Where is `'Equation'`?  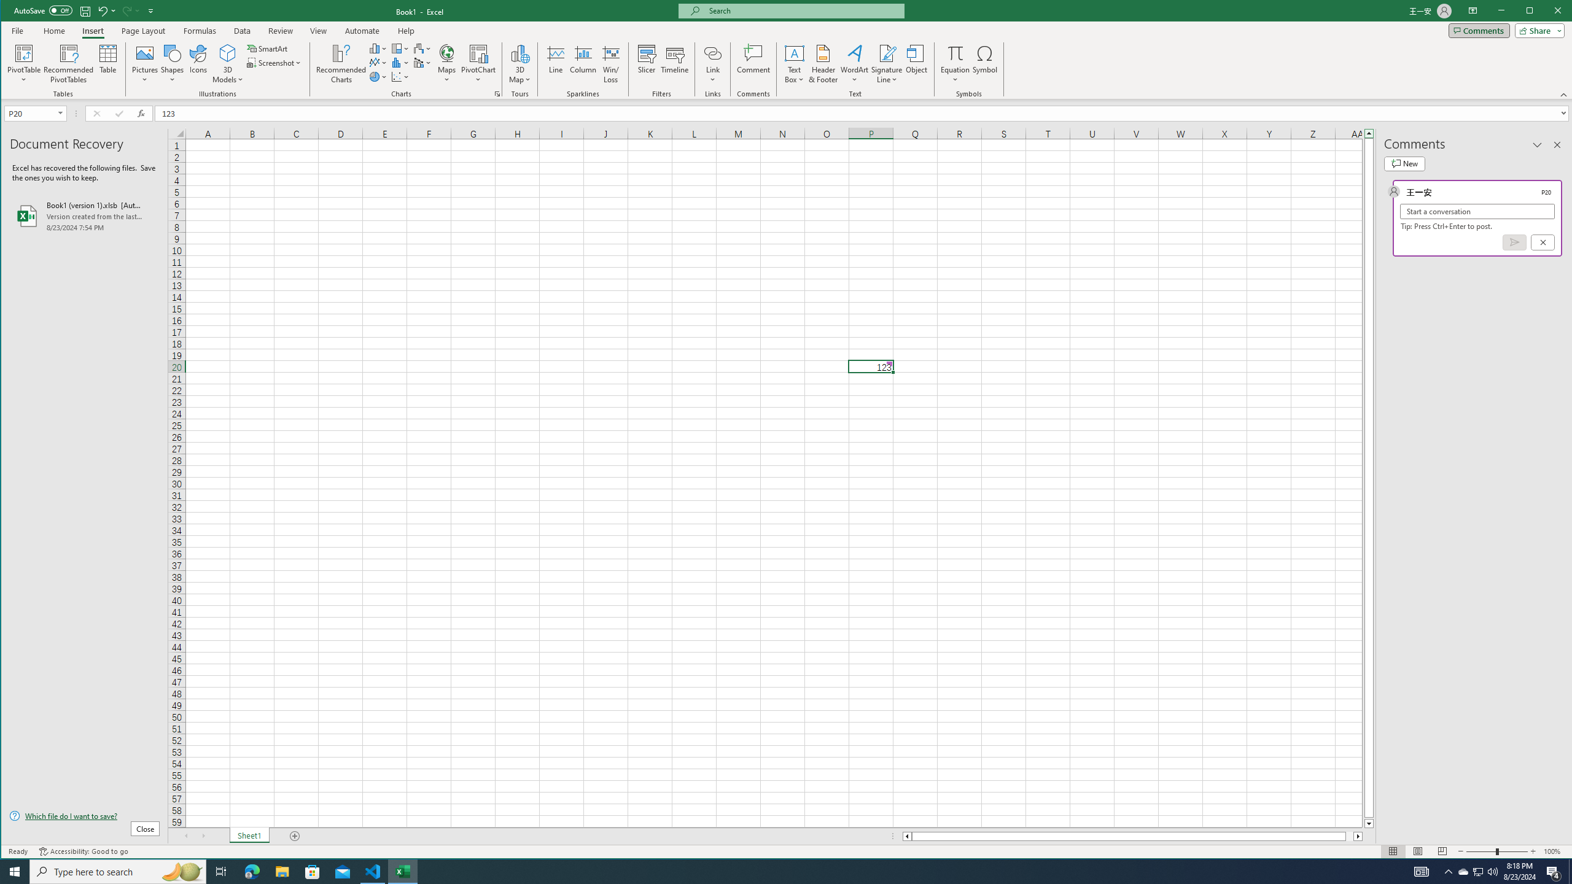 'Equation' is located at coordinates (955, 63).